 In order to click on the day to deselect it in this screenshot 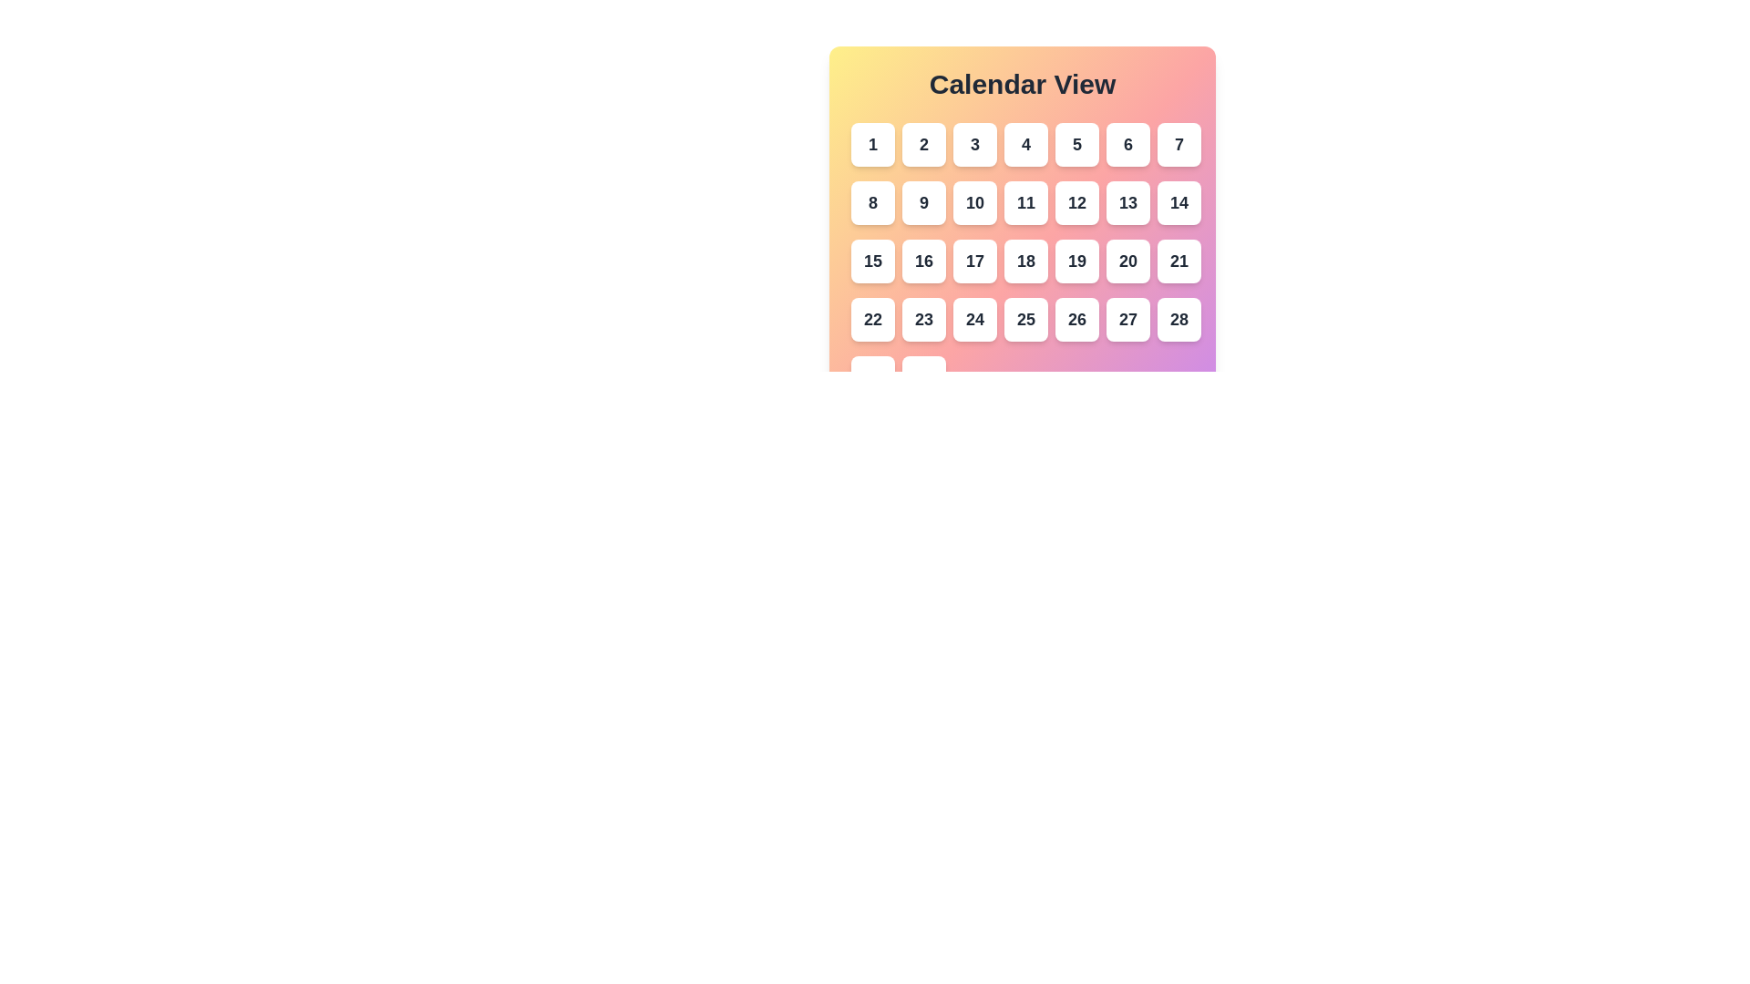, I will do `click(872, 261)`.